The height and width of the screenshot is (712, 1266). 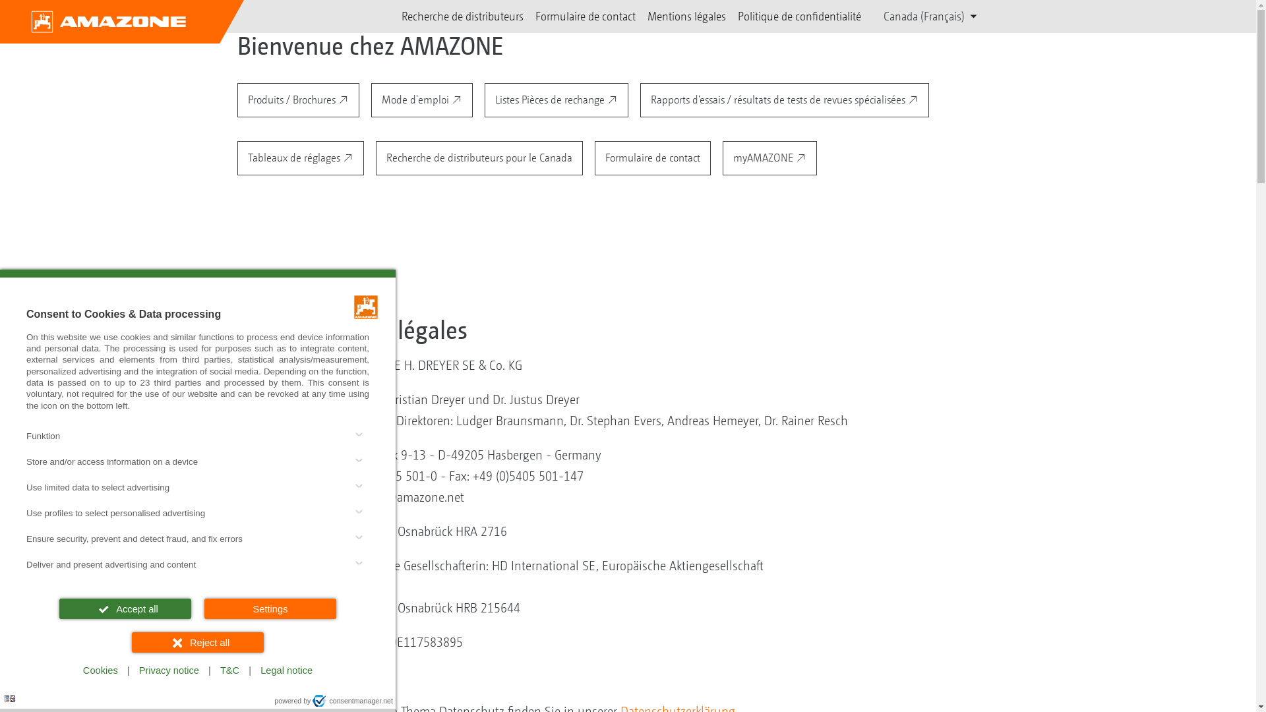 I want to click on 'Privacy notice', so click(x=168, y=670).